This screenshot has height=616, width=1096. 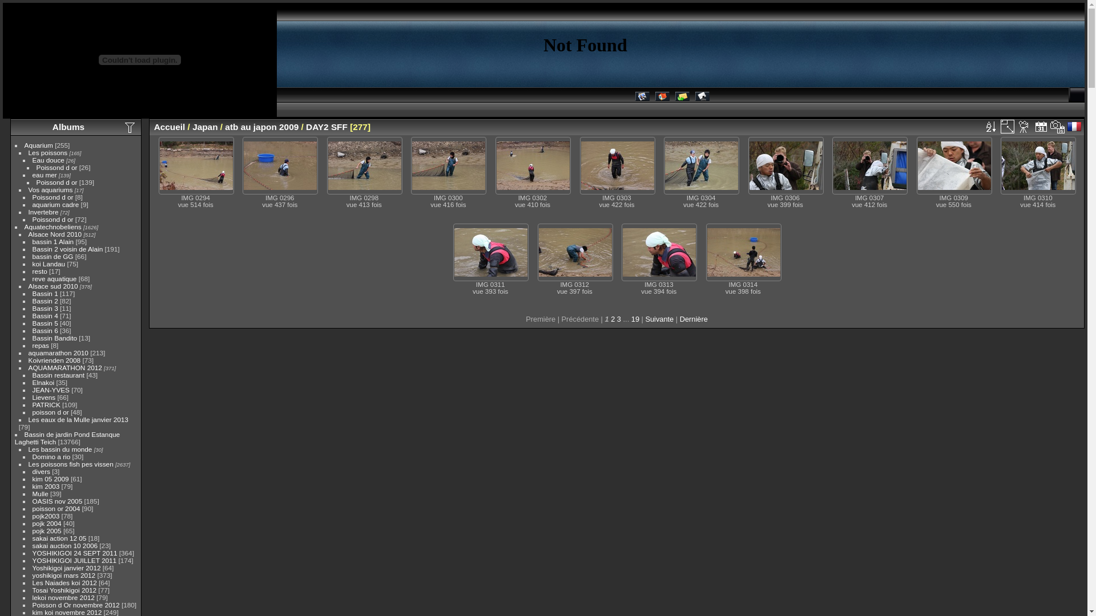 What do you see at coordinates (1001, 165) in the screenshot?
I see `'IMG 0310 (414 visites)'` at bounding box center [1001, 165].